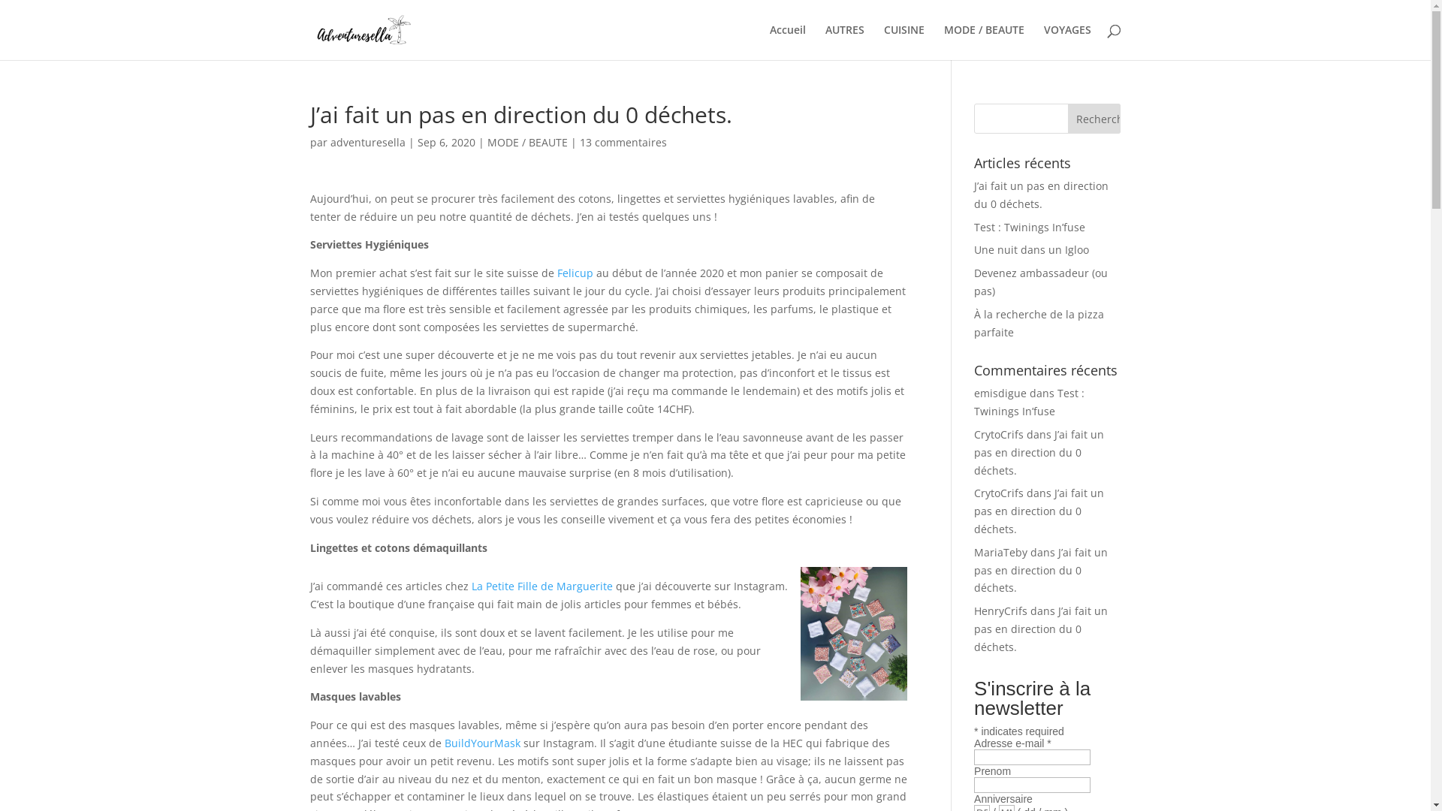 This screenshot has height=811, width=1442. What do you see at coordinates (482, 742) in the screenshot?
I see `'BuildYourMask'` at bounding box center [482, 742].